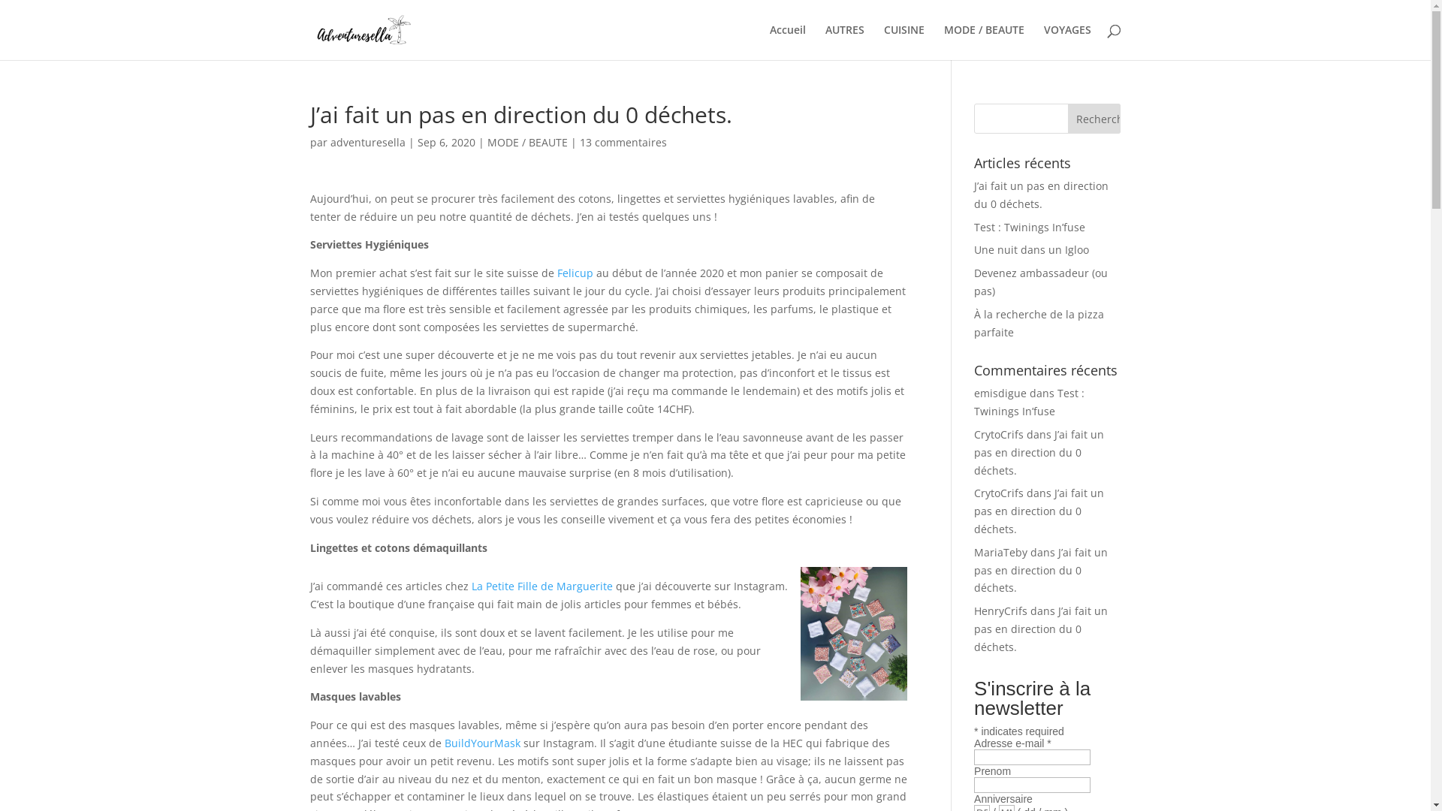 This screenshot has height=811, width=1442. What do you see at coordinates (482, 742) in the screenshot?
I see `'BuildYourMask'` at bounding box center [482, 742].